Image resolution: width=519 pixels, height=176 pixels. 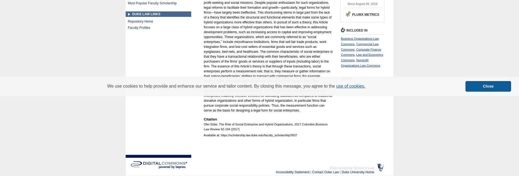 I want to click on 'Accessibility Statement', so click(x=276, y=172).